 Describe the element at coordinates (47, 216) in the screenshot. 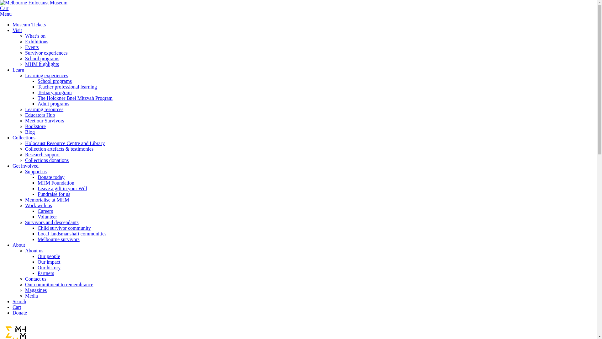

I see `'Volunteer'` at that location.